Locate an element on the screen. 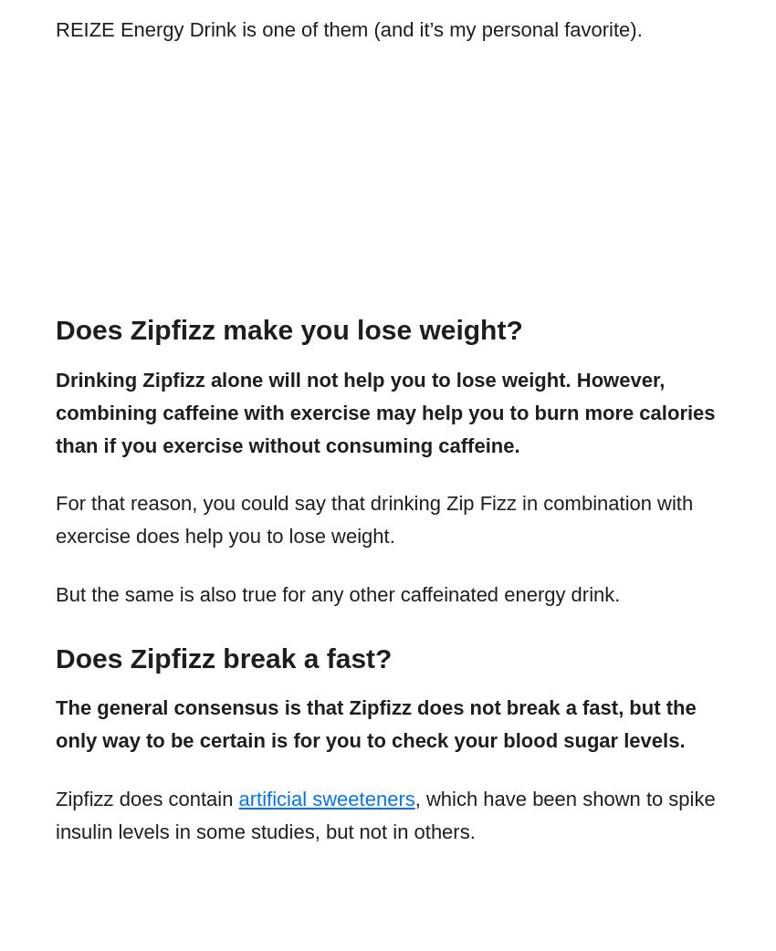  'The general consensus is that Zipfizz does not break a fast, but the only way to be certain is for you to check your blood sugar levels.' is located at coordinates (375, 724).